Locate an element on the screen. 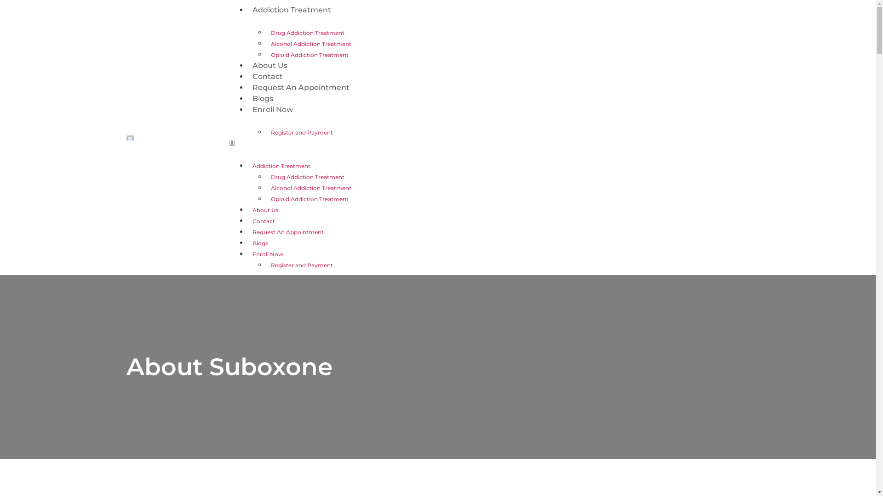 The width and height of the screenshot is (883, 496). 'About Us' is located at coordinates (269, 65).